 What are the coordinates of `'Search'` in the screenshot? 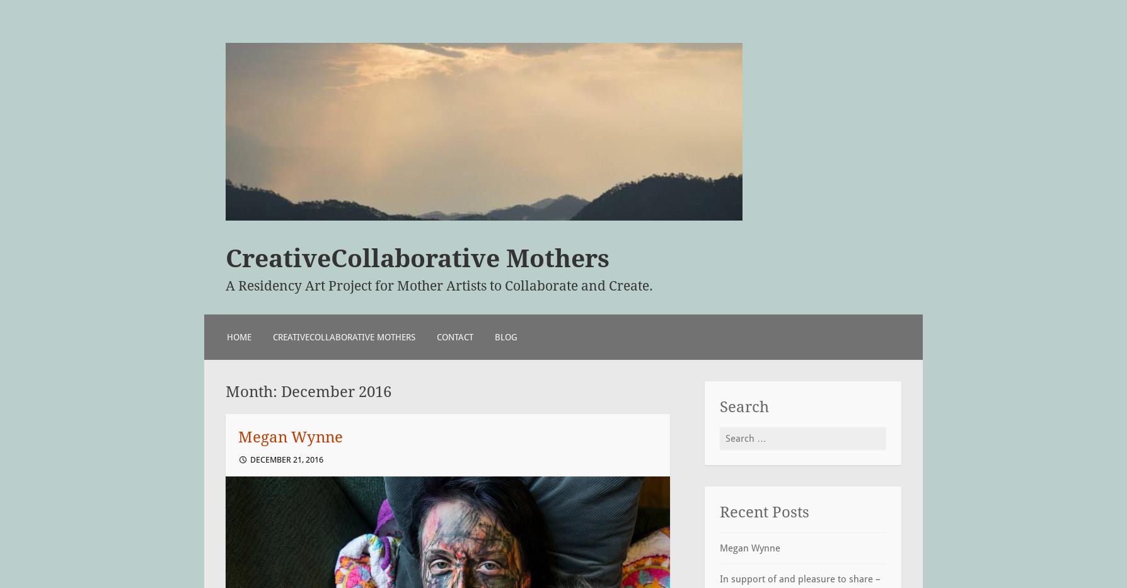 It's located at (743, 406).